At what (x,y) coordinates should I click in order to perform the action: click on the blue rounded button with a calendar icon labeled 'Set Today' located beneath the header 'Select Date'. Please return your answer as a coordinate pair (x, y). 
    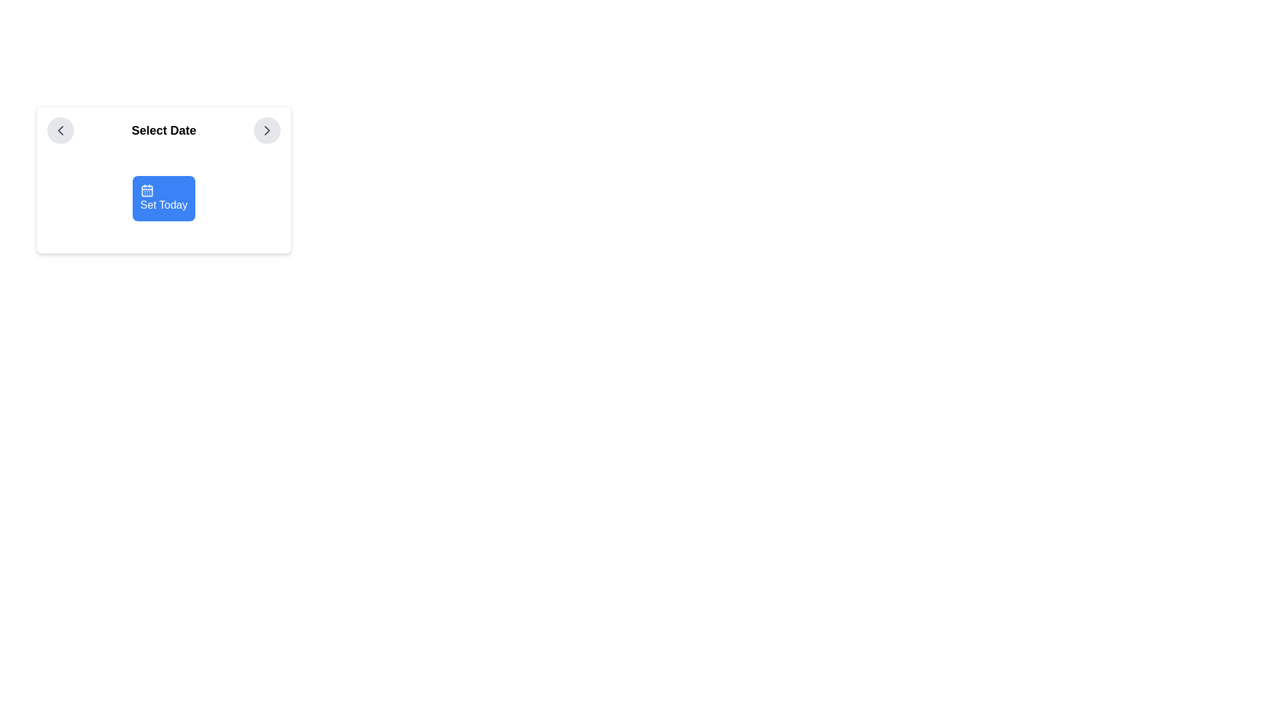
    Looking at the image, I should click on (163, 198).